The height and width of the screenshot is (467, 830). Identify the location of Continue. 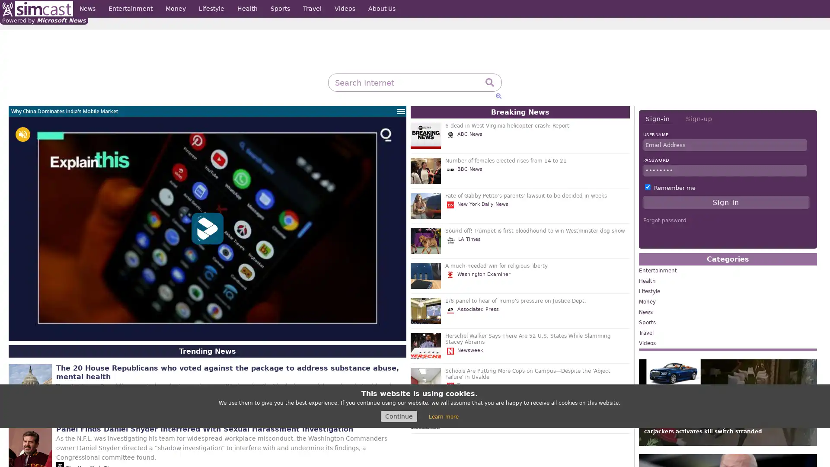
(398, 416).